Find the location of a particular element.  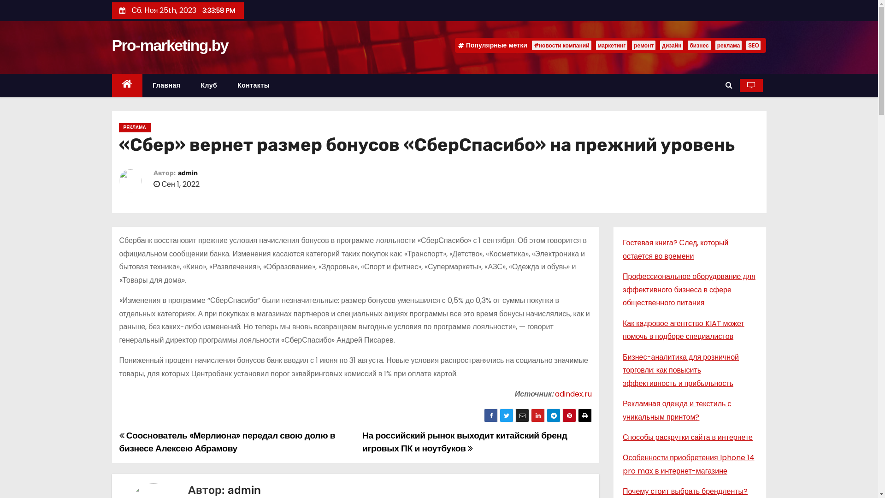

'Pro-marketing.by' is located at coordinates (170, 45).